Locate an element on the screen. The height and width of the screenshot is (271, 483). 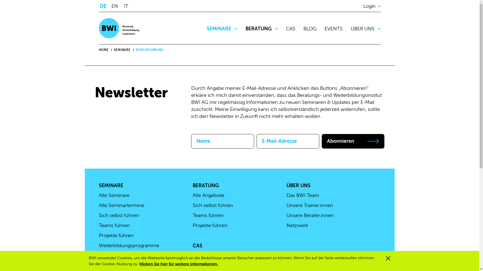
'Login' is located at coordinates (372, 6).